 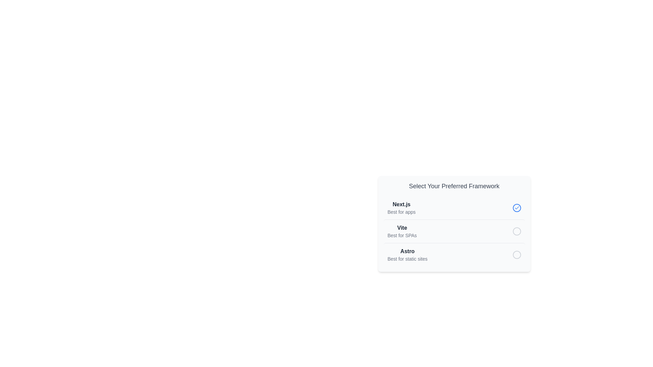 I want to click on state of the blue checkmark icon within the circular border located in the top right of the 'Next.js' selection option, so click(x=517, y=208).